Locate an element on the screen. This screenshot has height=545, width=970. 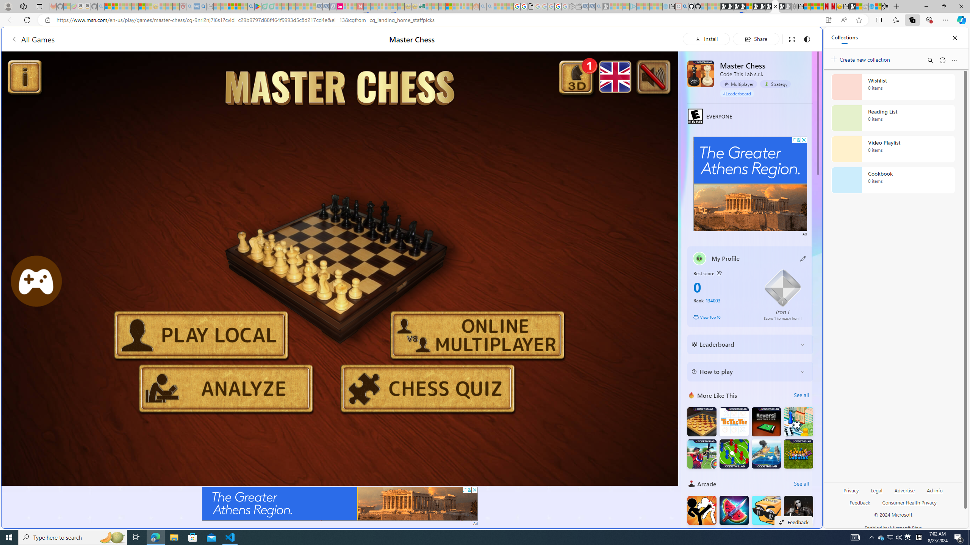
'Stickman fighter : Epic battle' is located at coordinates (701, 542).